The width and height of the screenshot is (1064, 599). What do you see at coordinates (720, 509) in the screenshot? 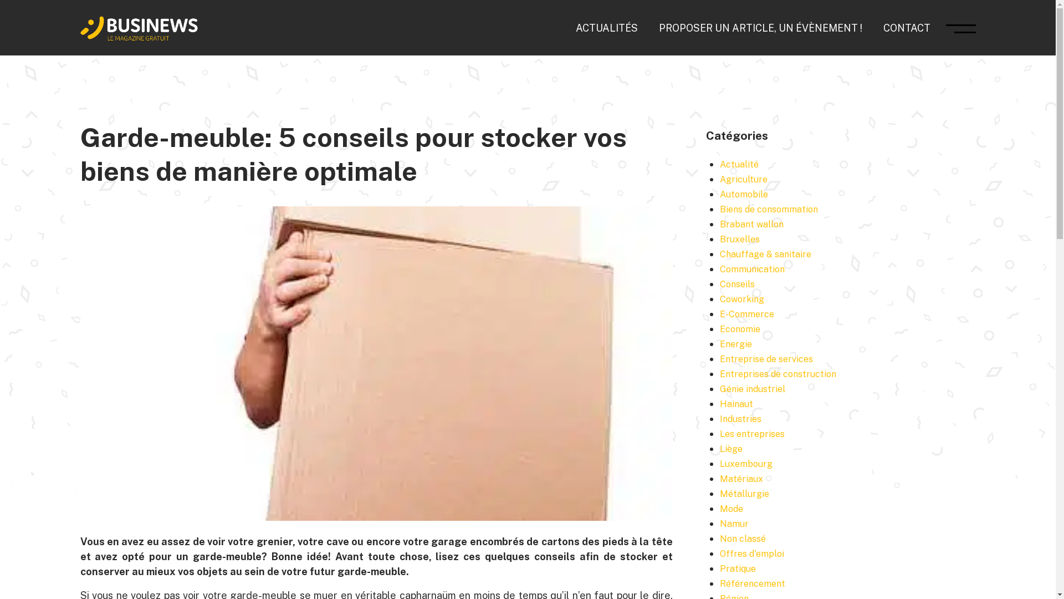
I see `'Mode'` at bounding box center [720, 509].